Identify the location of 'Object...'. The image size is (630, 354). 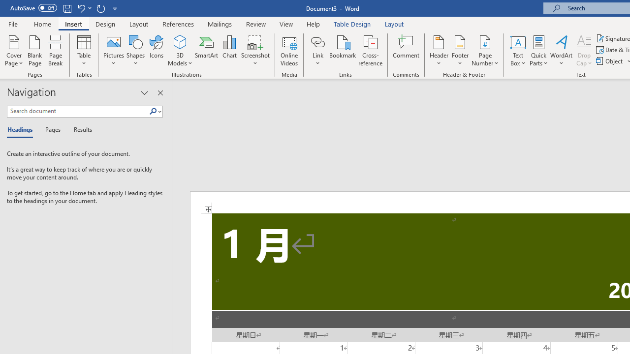
(610, 61).